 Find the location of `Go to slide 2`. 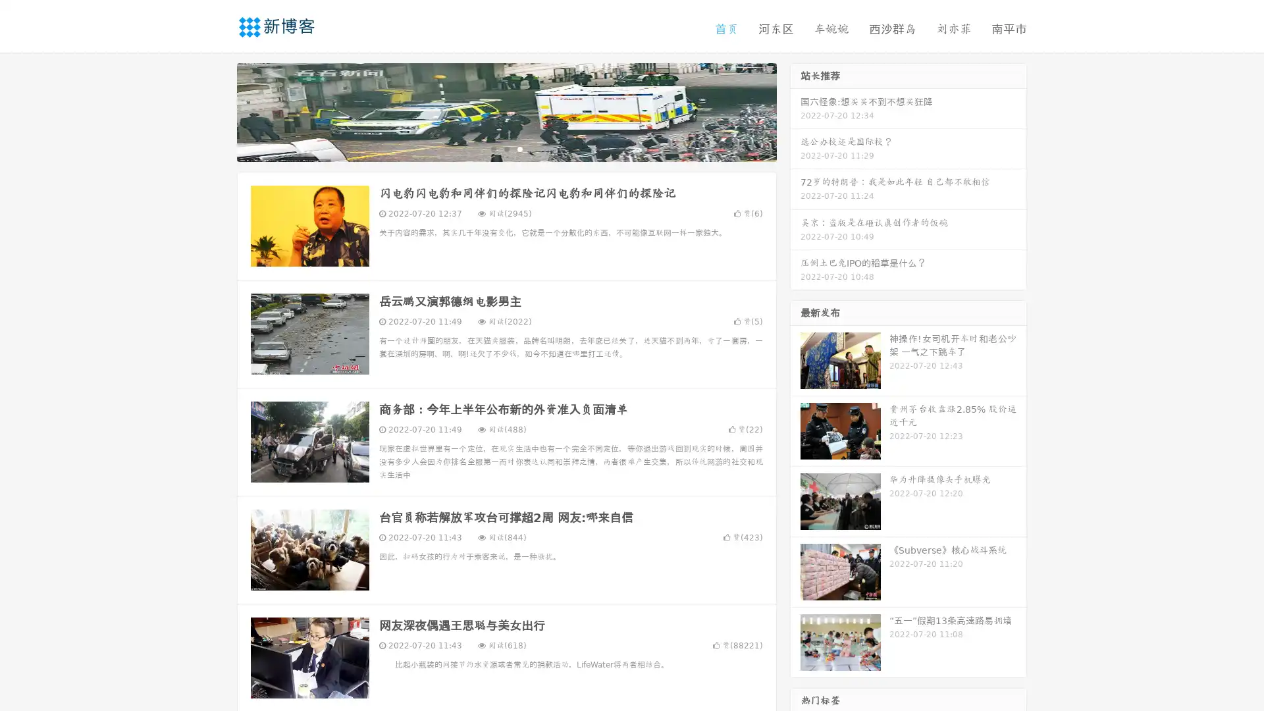

Go to slide 2 is located at coordinates (506, 148).